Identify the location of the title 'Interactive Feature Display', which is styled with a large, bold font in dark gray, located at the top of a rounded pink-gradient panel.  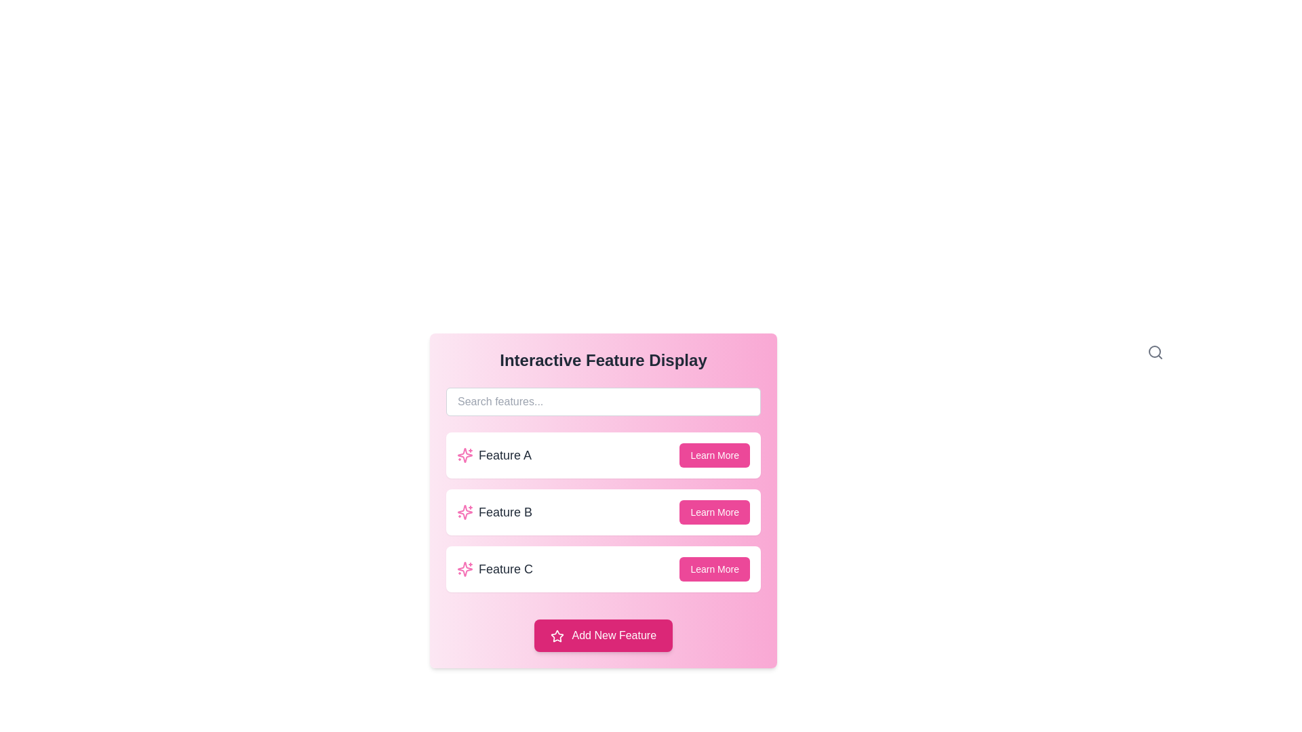
(602, 360).